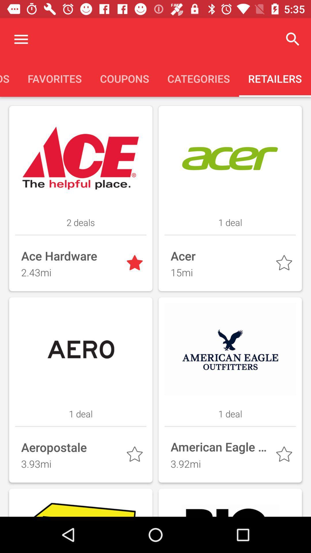 This screenshot has height=553, width=311. I want to click on make item a favorite, so click(285, 264).